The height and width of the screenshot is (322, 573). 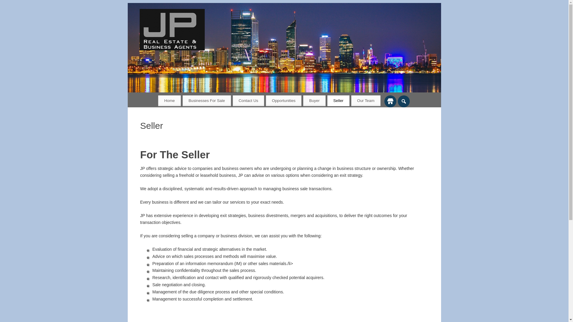 What do you see at coordinates (303, 100) in the screenshot?
I see `'Buyer'` at bounding box center [303, 100].